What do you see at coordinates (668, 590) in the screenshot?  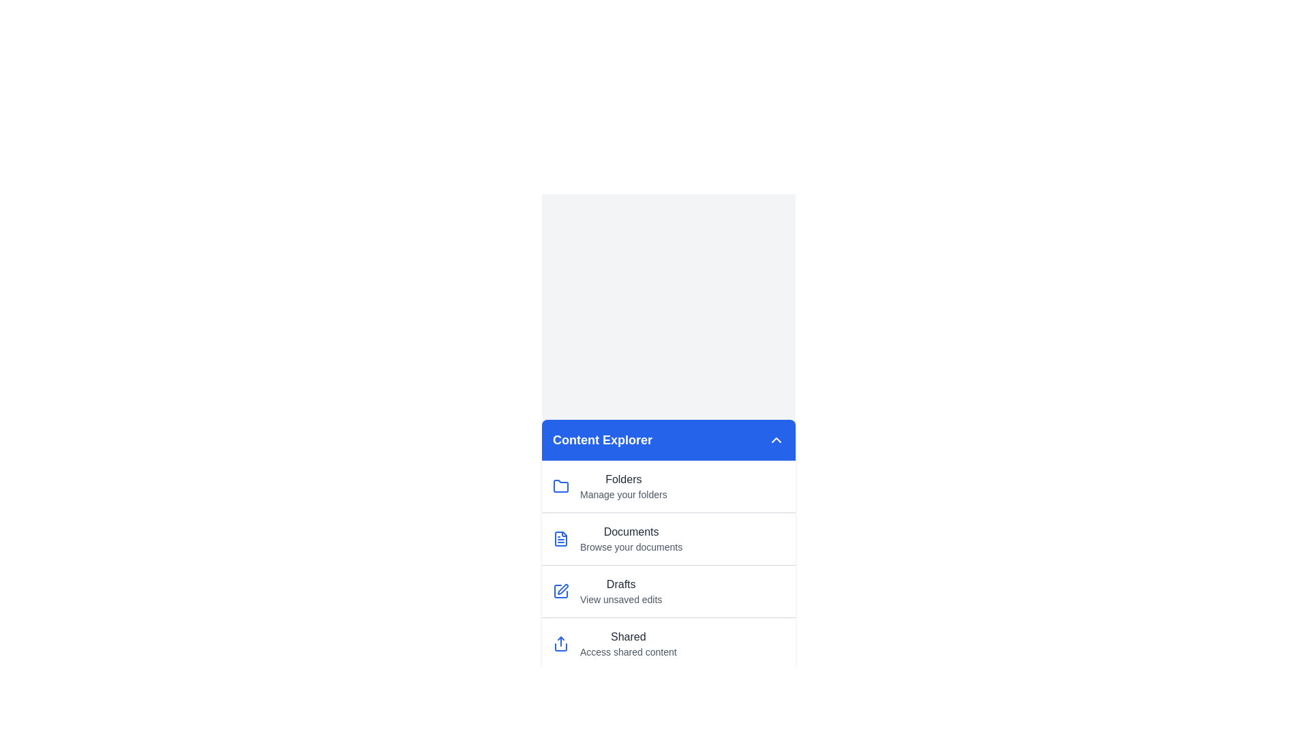 I see `the menu item Drafts from the list` at bounding box center [668, 590].